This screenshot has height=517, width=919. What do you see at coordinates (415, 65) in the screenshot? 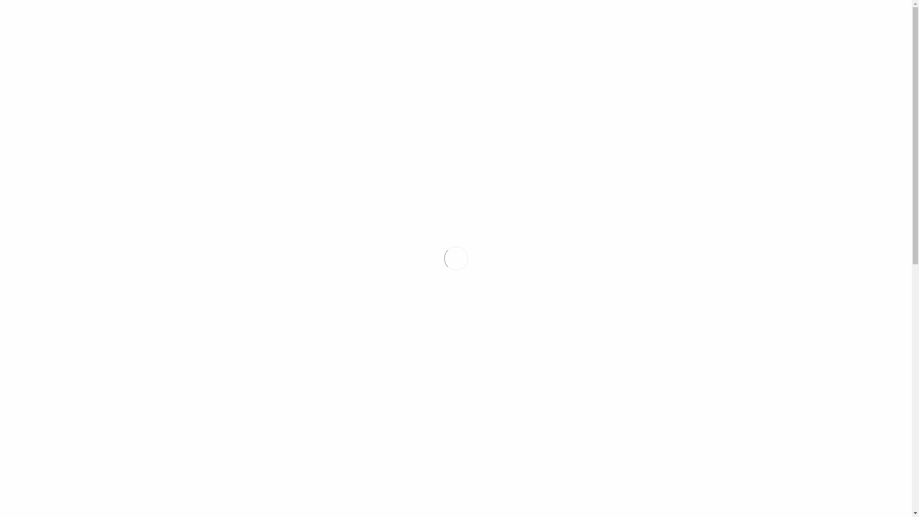
I see `'SERVICES'` at bounding box center [415, 65].